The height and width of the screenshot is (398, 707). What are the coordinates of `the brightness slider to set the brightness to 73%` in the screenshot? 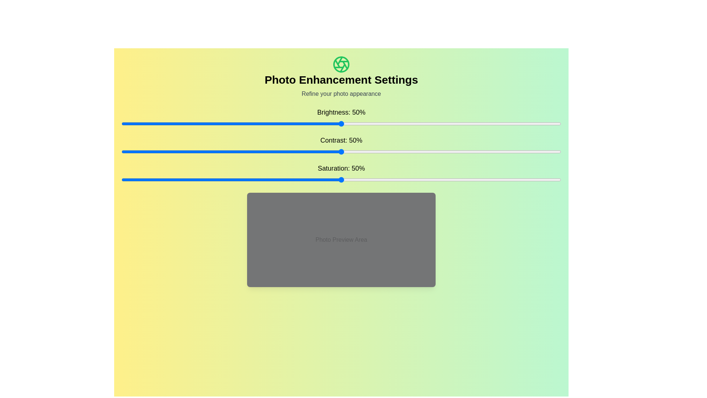 It's located at (442, 123).